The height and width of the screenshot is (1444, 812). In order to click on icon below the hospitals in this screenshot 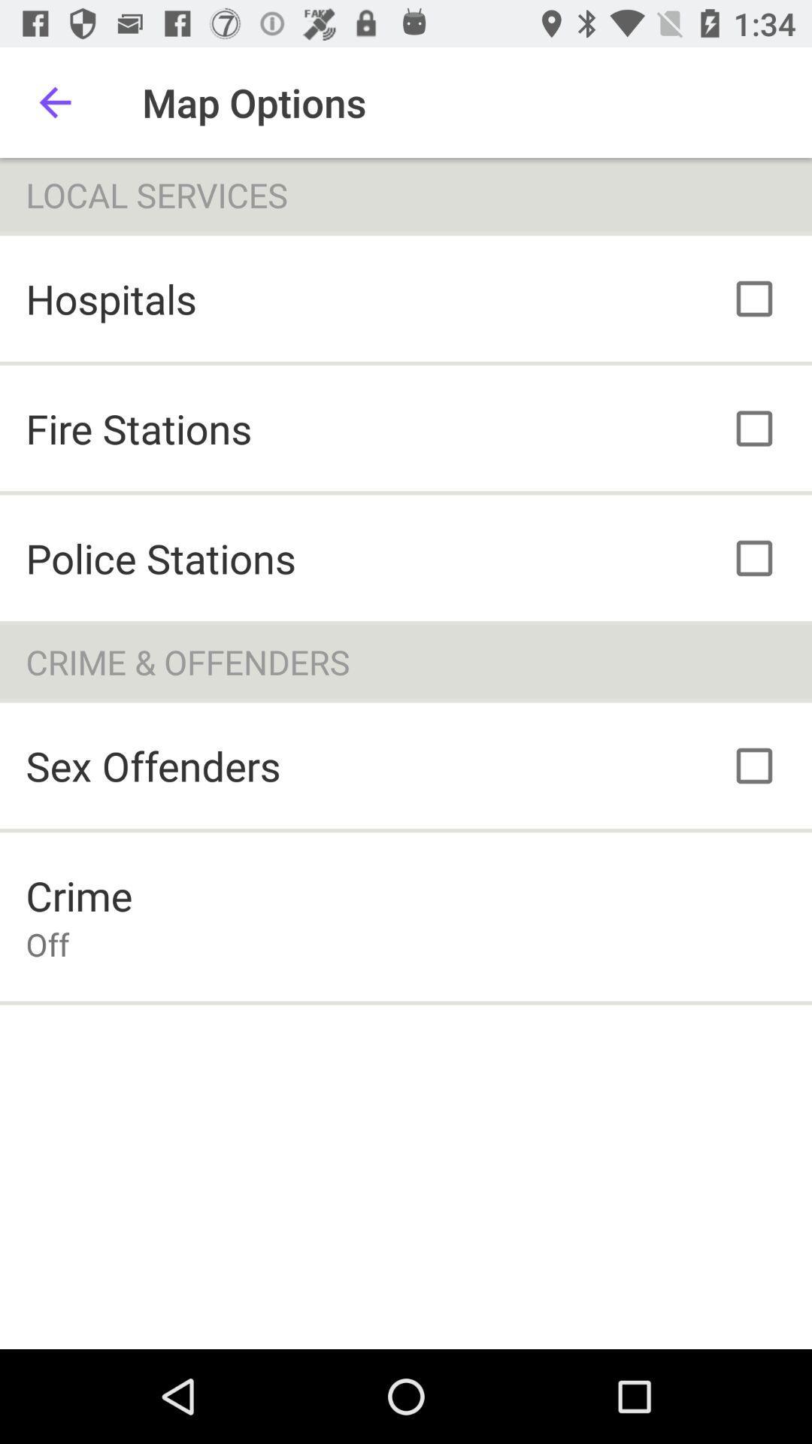, I will do `click(138, 427)`.